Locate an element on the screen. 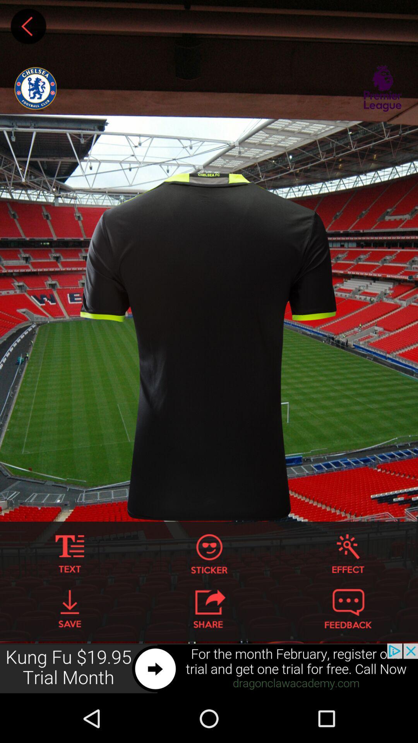  exit is located at coordinates (209, 608).